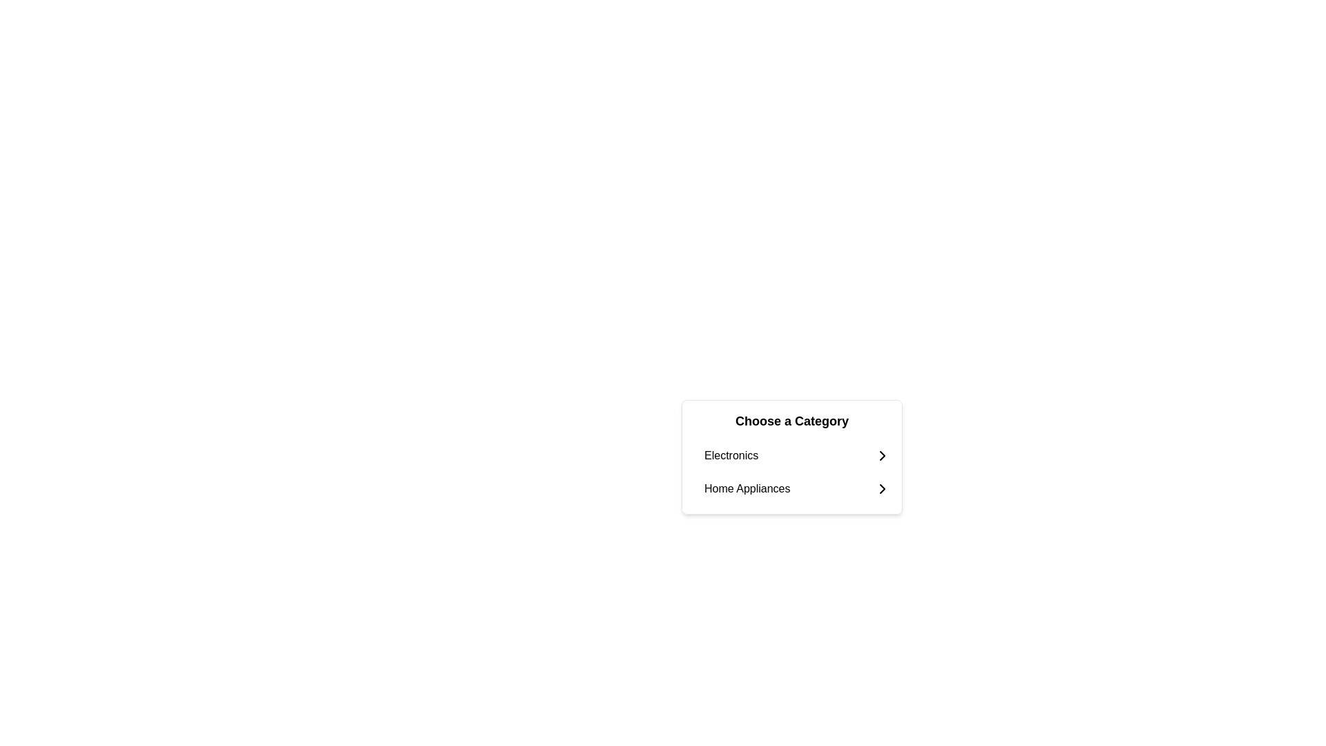 Image resolution: width=1326 pixels, height=746 pixels. What do you see at coordinates (881, 488) in the screenshot?
I see `the right-facing chevron icon in the 'Choose a Category' menu` at bounding box center [881, 488].